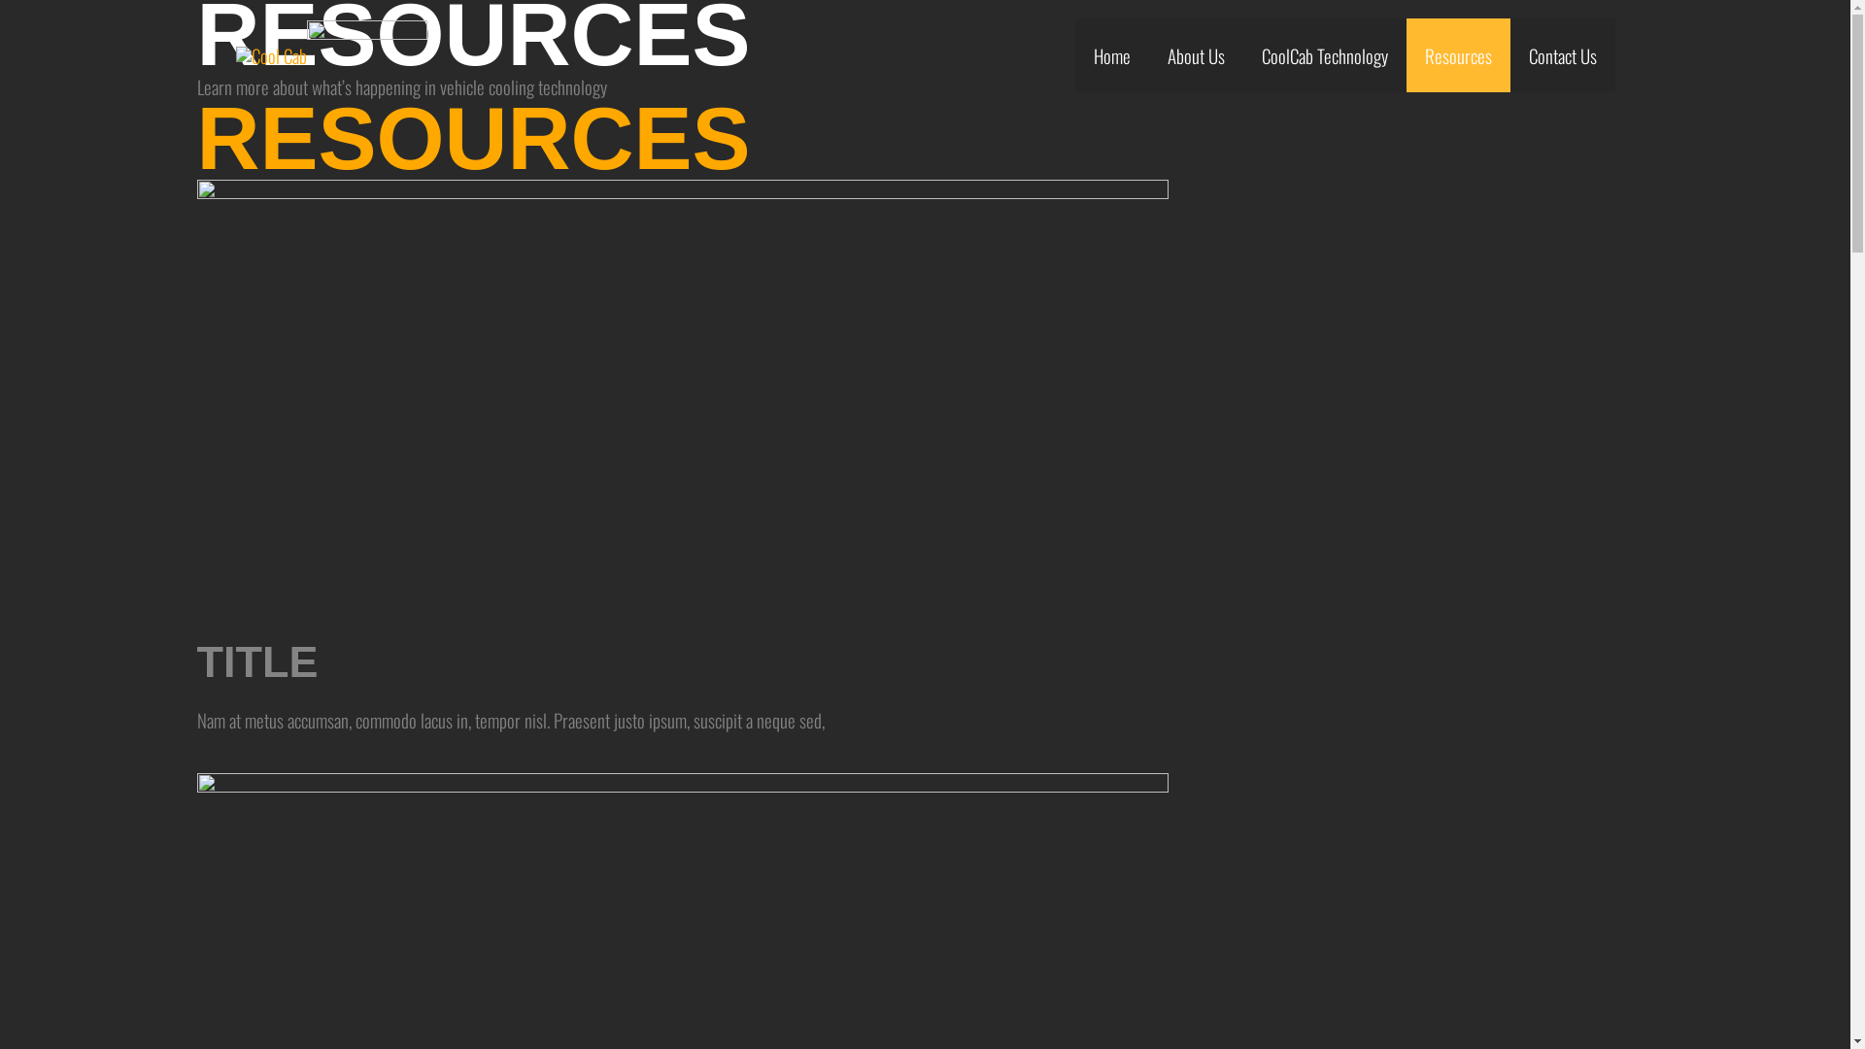  I want to click on 'TITLE', so click(255, 660).